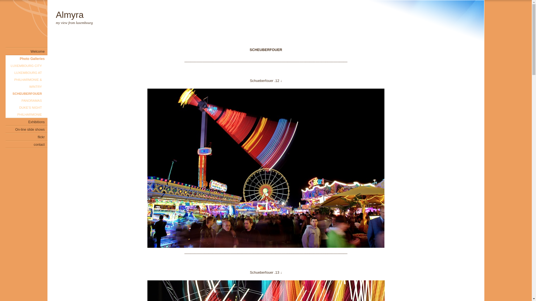 The height and width of the screenshot is (301, 536). Describe the element at coordinates (26, 114) in the screenshot. I see `'PHILHARMONIE'` at that location.